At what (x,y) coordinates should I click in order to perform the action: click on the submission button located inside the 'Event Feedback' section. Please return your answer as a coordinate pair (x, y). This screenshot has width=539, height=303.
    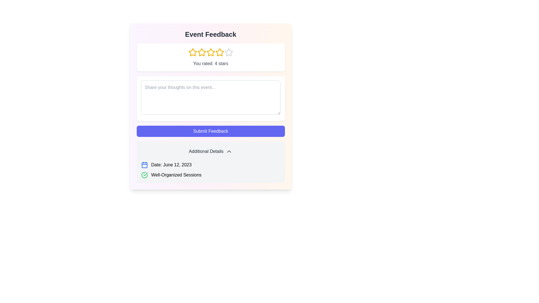
    Looking at the image, I should click on (210, 131).